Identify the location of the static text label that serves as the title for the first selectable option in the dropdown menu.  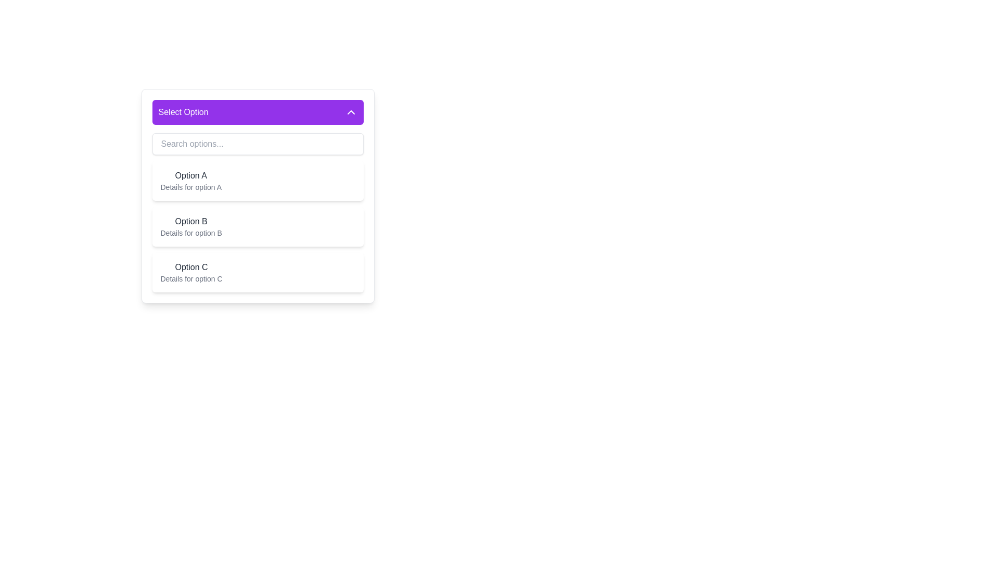
(191, 175).